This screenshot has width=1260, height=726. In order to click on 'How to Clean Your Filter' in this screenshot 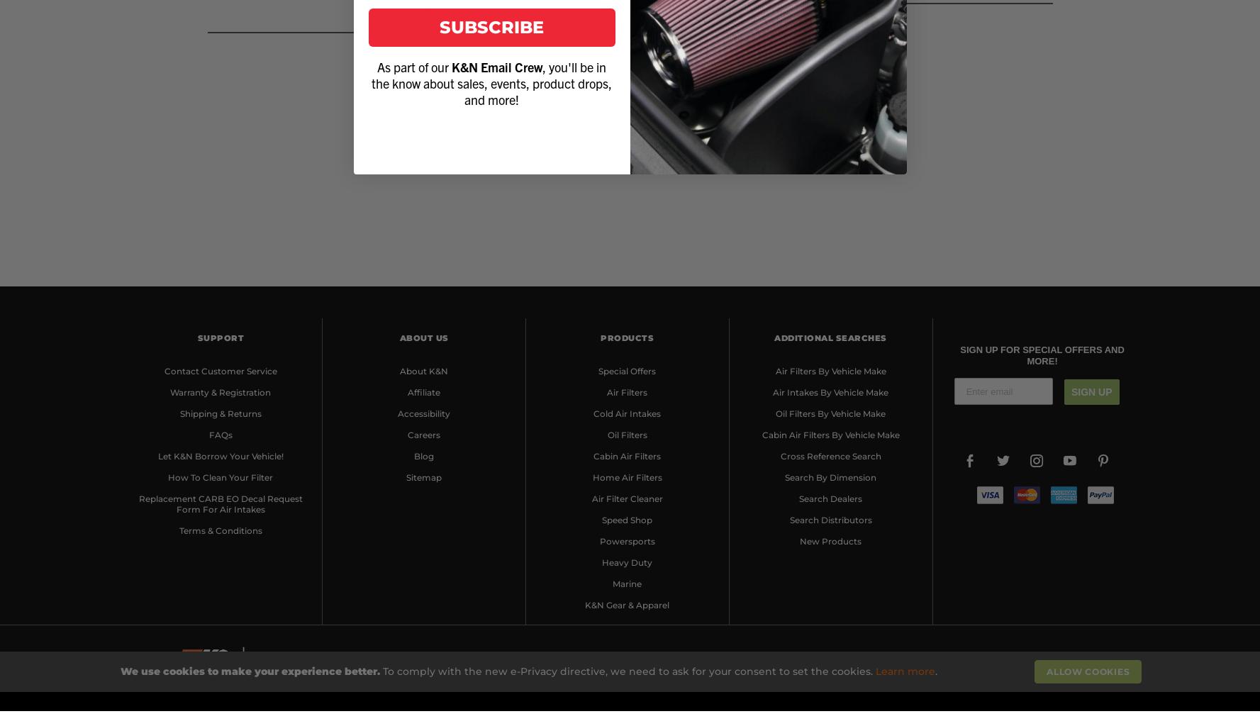, I will do `click(219, 476)`.